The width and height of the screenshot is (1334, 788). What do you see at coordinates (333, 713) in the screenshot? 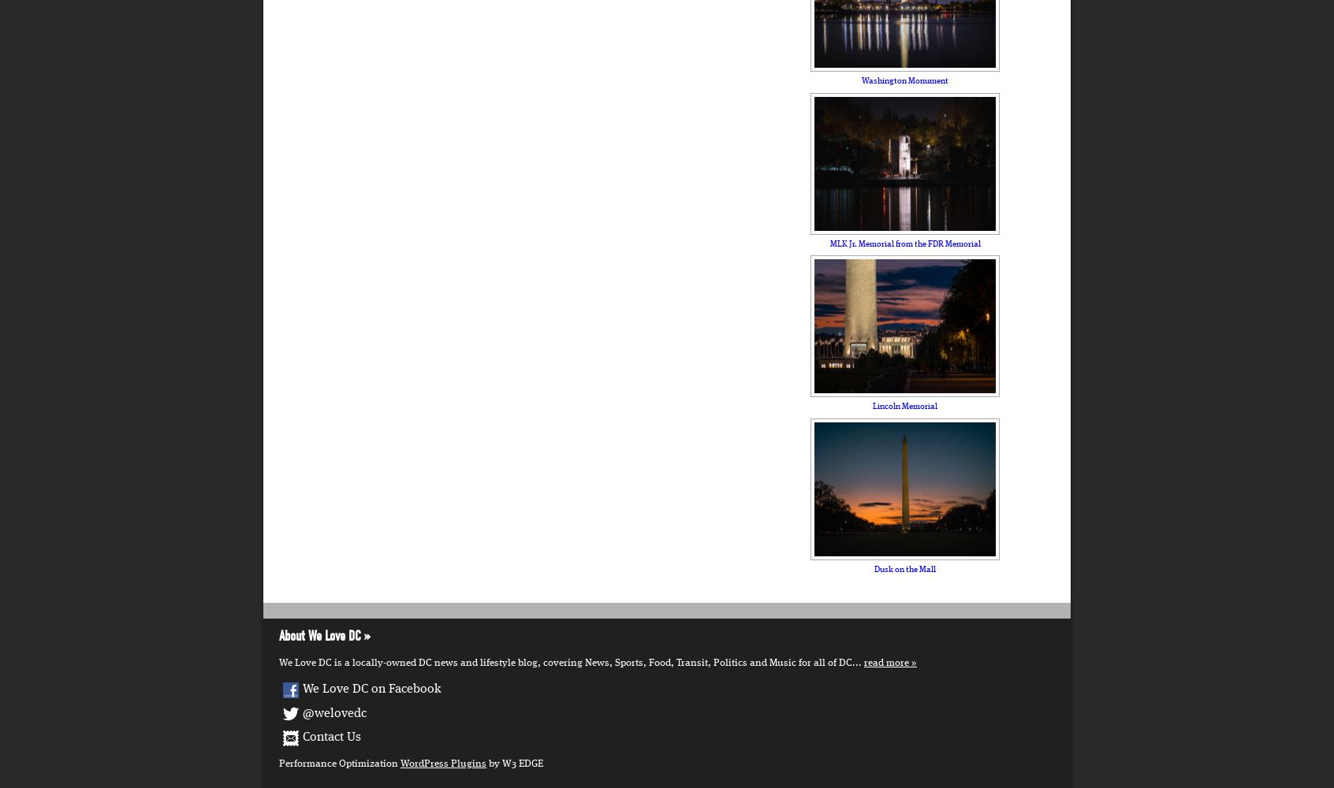
I see `'@welovedc'` at bounding box center [333, 713].